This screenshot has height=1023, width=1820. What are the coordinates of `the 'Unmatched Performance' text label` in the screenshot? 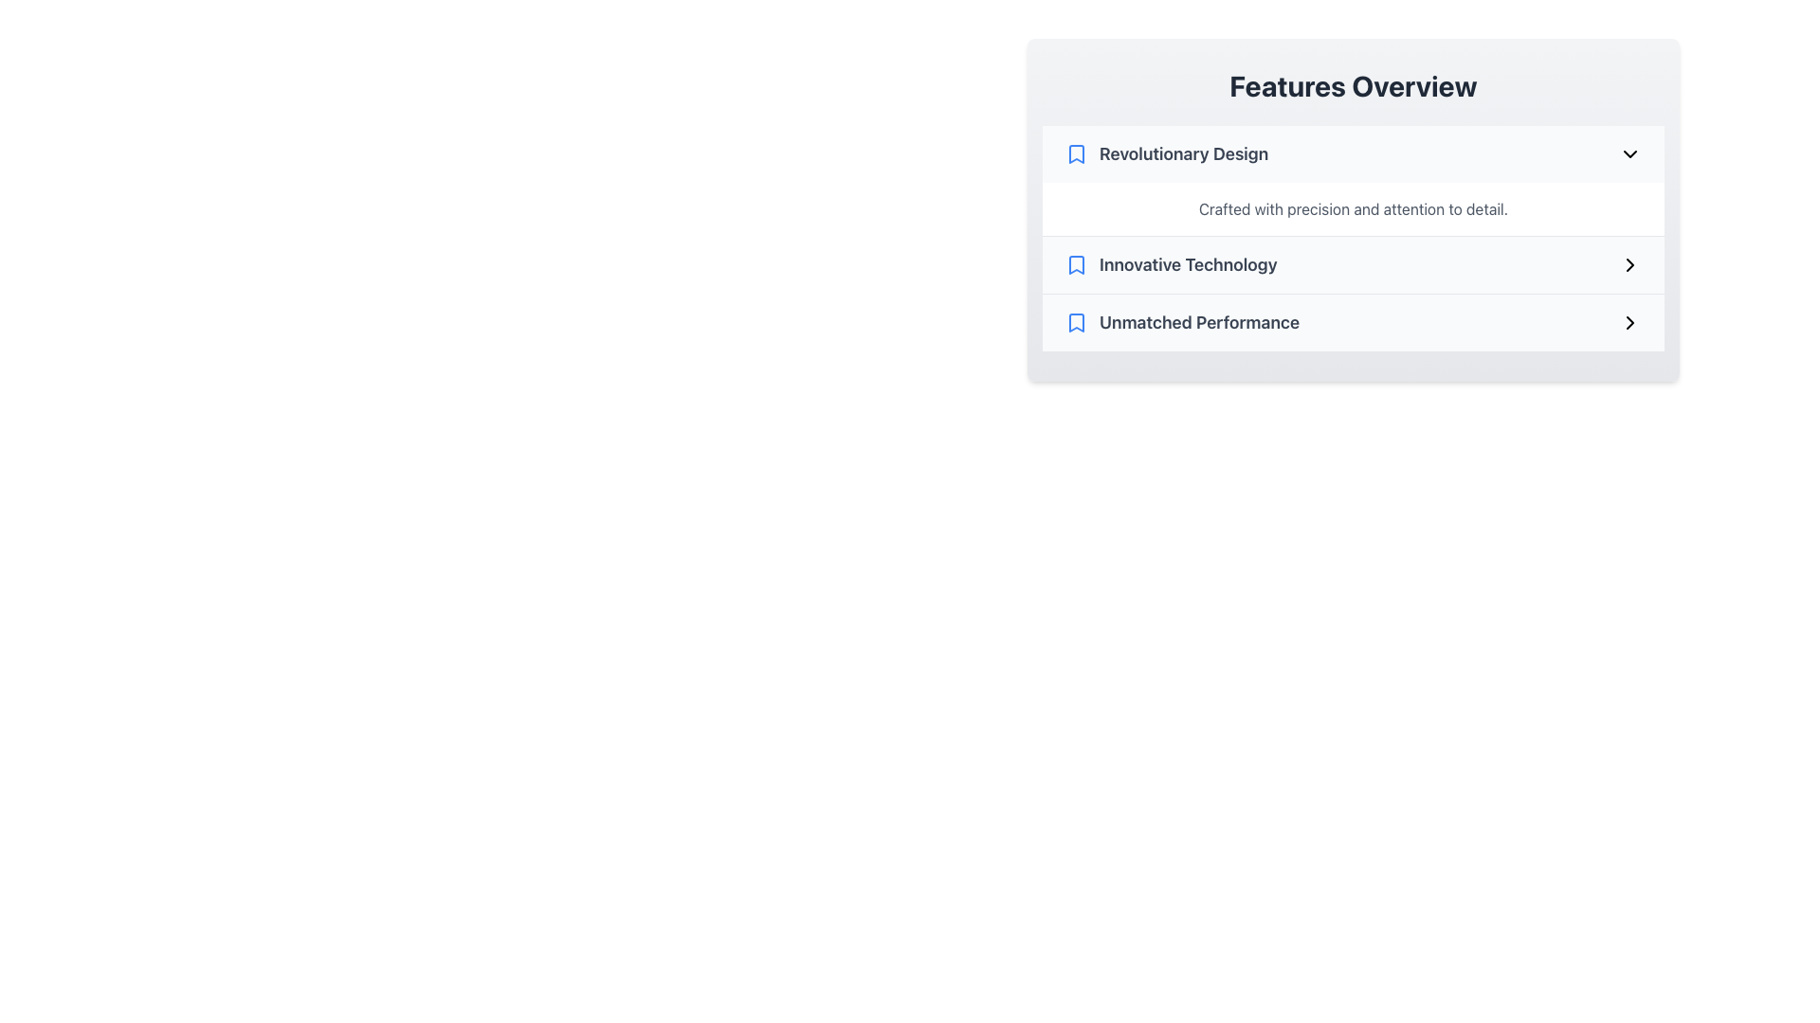 It's located at (1198, 321).